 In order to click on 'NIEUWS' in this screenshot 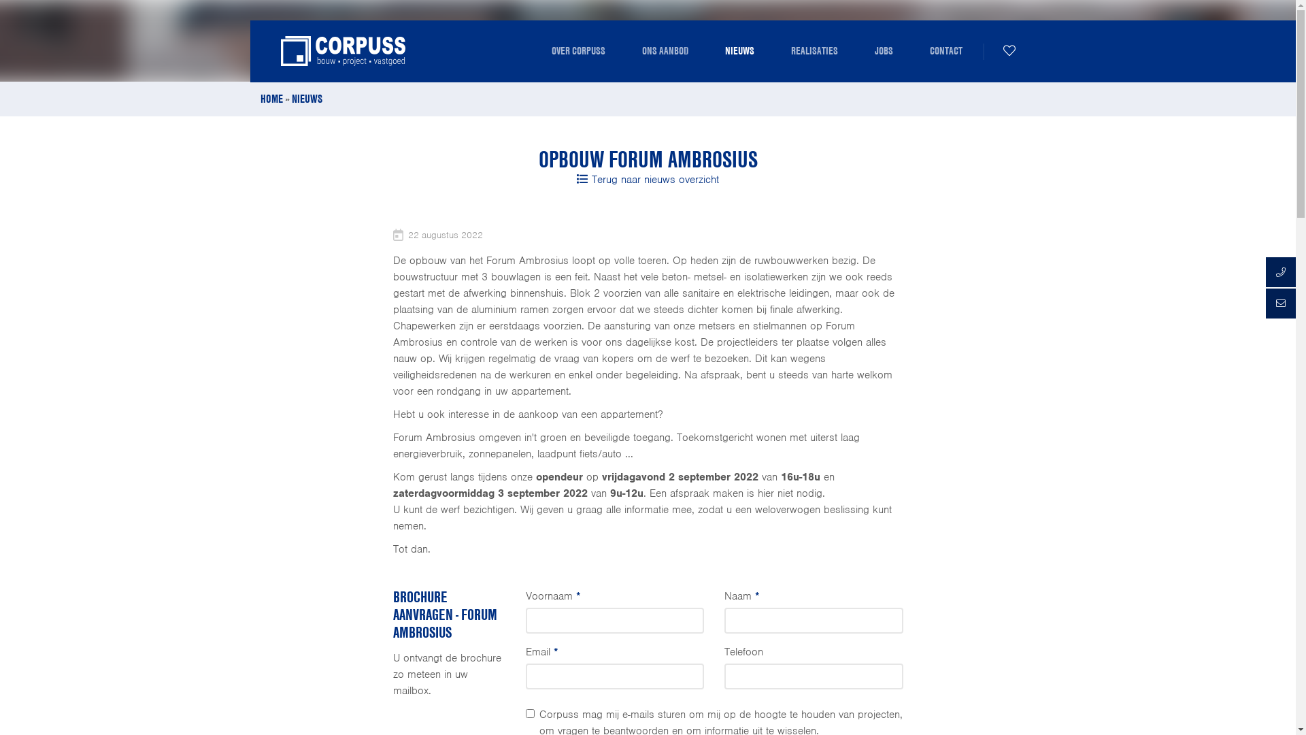, I will do `click(738, 50)`.